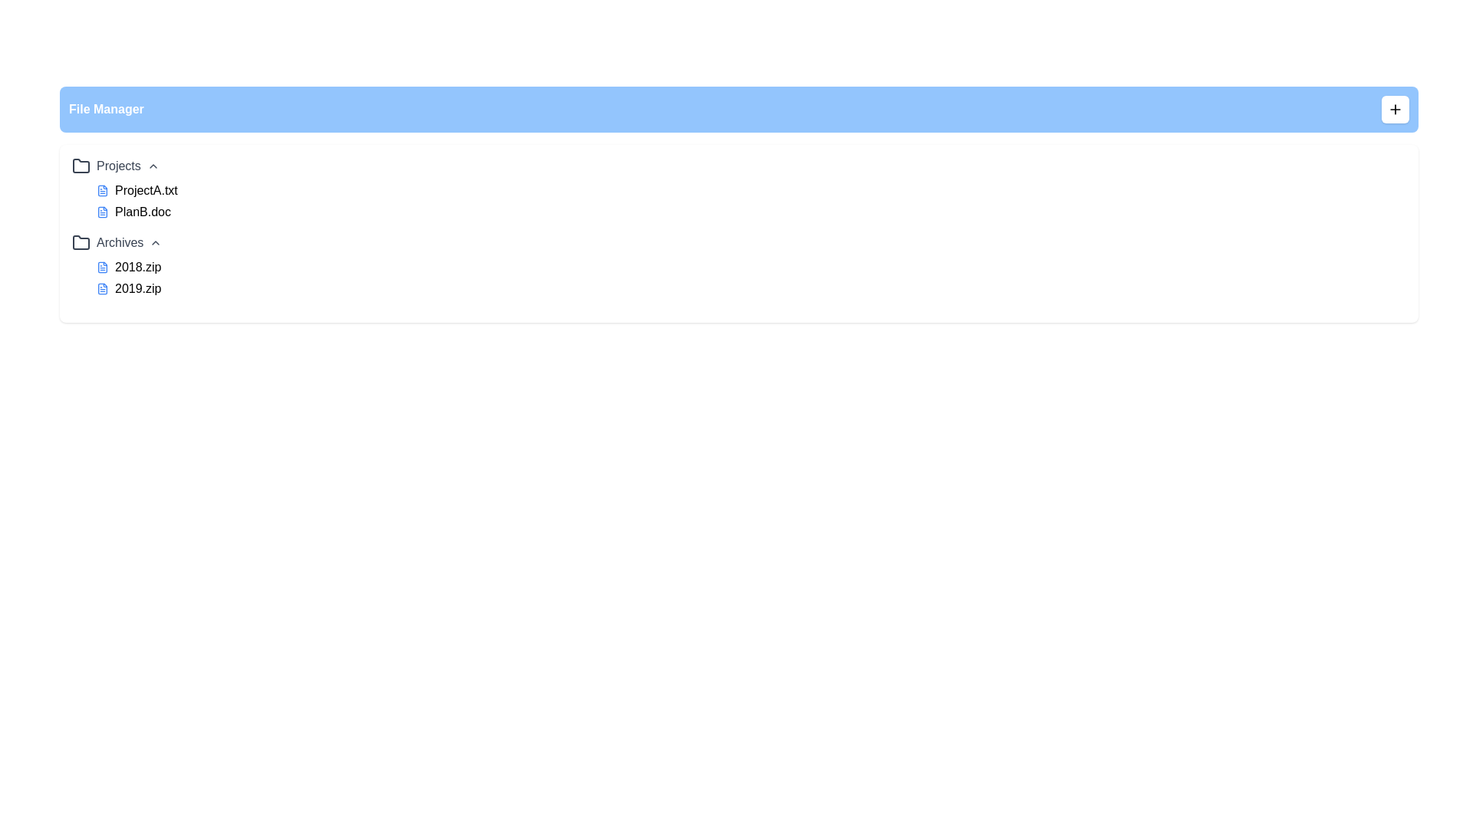  Describe the element at coordinates (102, 266) in the screenshot. I see `the file icon representing '2018.zip' located under the 'Archives' section, which has a rectangular shape with a page-like style and a folded corner` at that location.